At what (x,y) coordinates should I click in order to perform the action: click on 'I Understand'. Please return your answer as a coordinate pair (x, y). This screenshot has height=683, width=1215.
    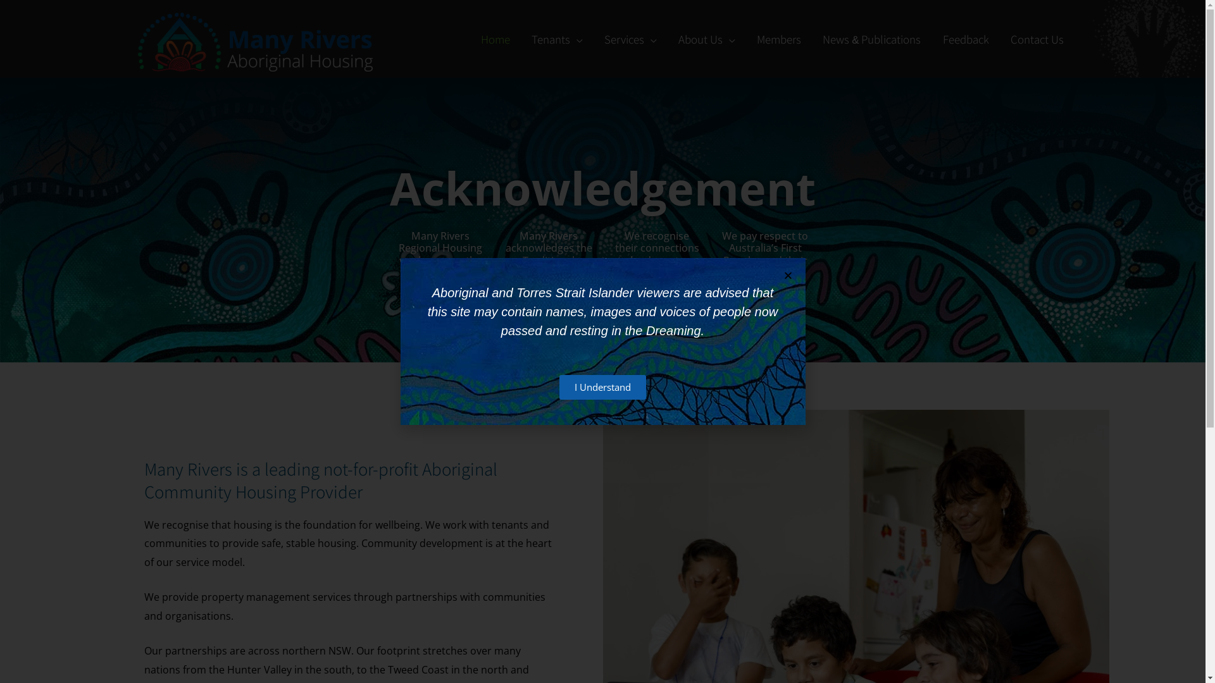
    Looking at the image, I should click on (602, 386).